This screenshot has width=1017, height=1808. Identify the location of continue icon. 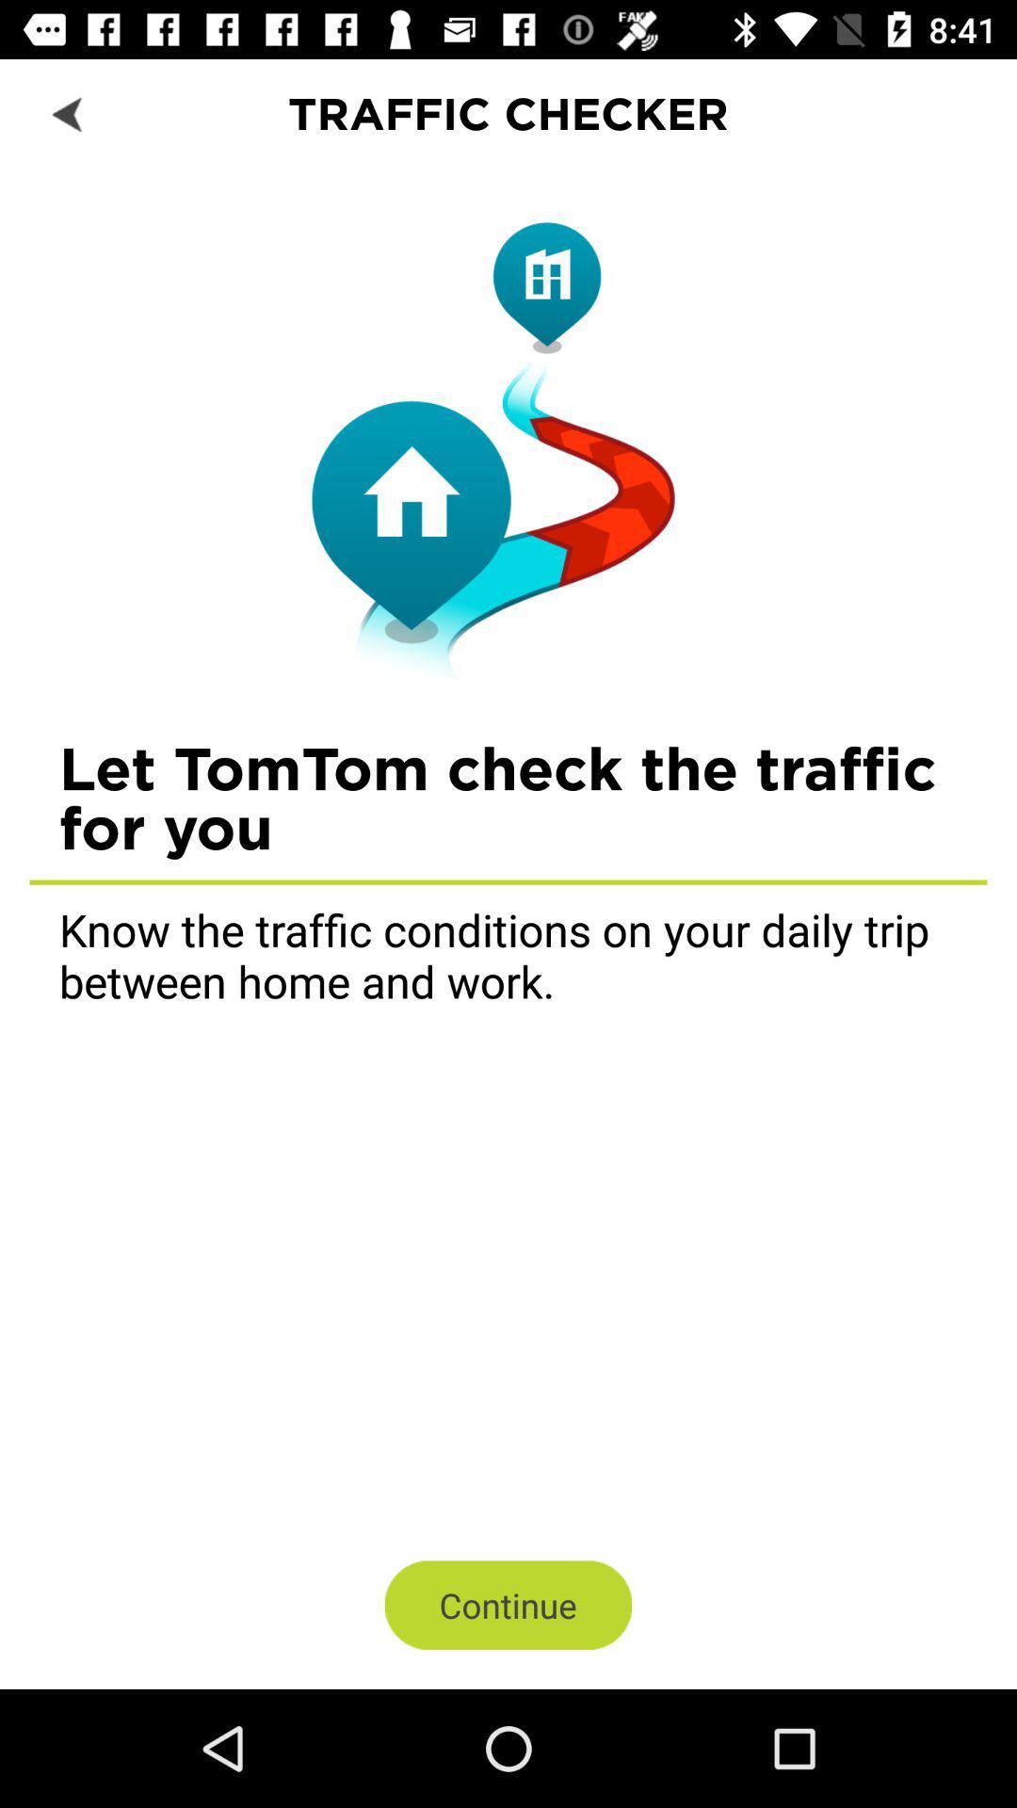
(508, 1604).